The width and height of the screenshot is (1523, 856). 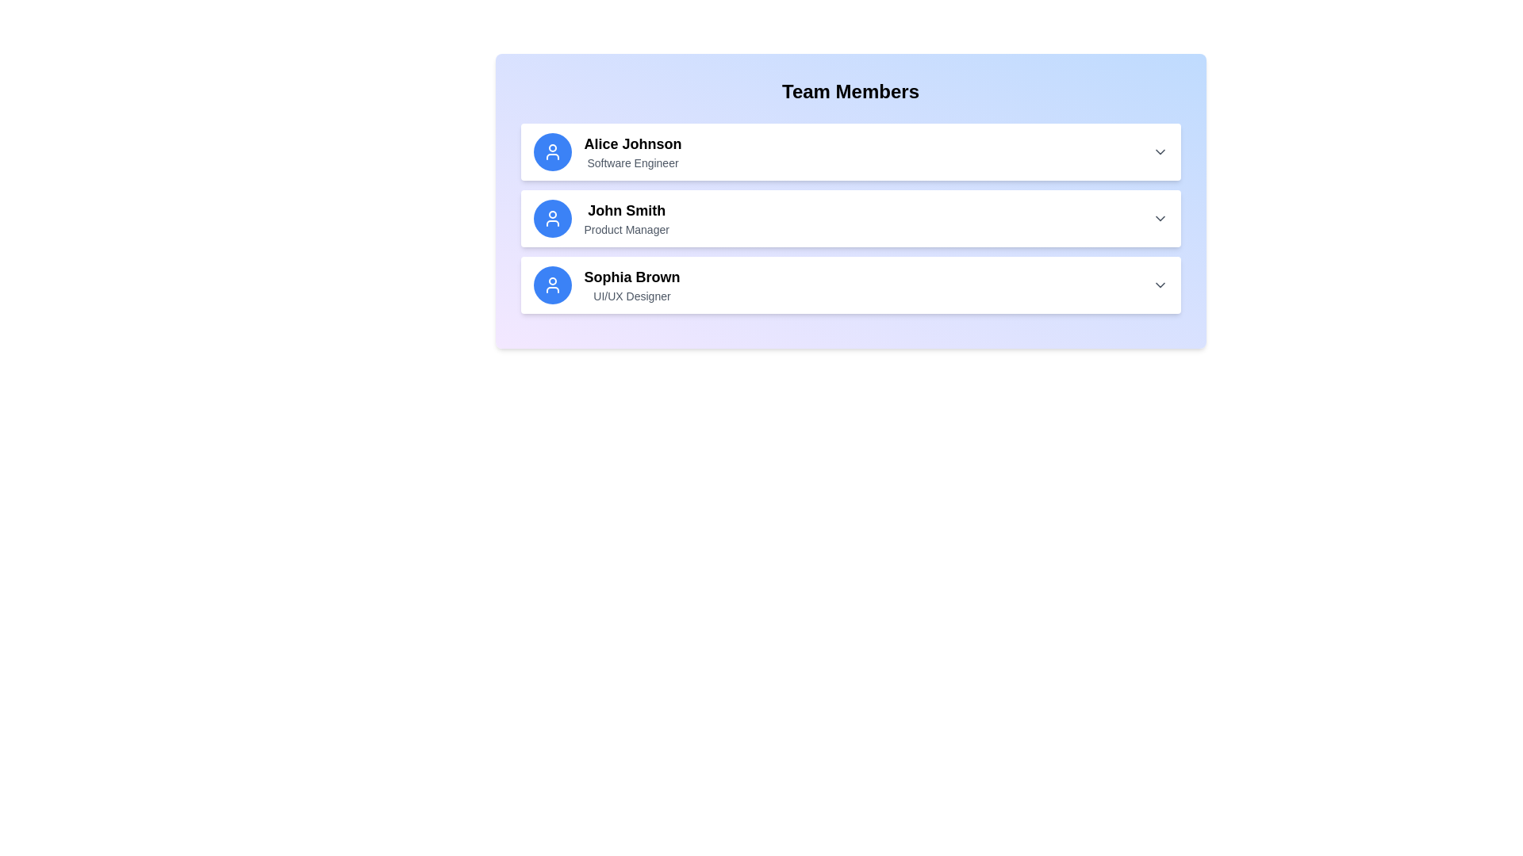 What do you see at coordinates (552, 219) in the screenshot?
I see `the user profile icon with a circular head and semi-circular body, outlined in white on a blue background, located next to 'John Smith' in the 'Team Members' list` at bounding box center [552, 219].